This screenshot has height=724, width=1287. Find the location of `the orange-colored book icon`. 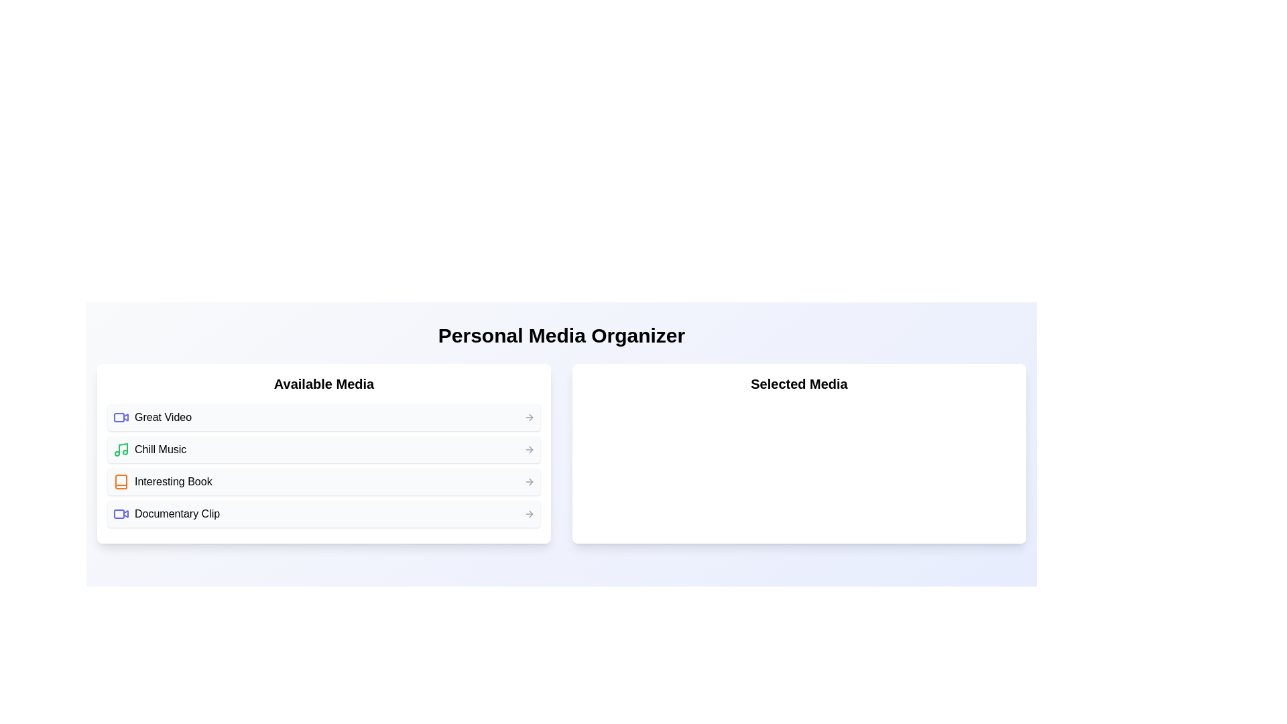

the orange-colored book icon is located at coordinates (121, 481).